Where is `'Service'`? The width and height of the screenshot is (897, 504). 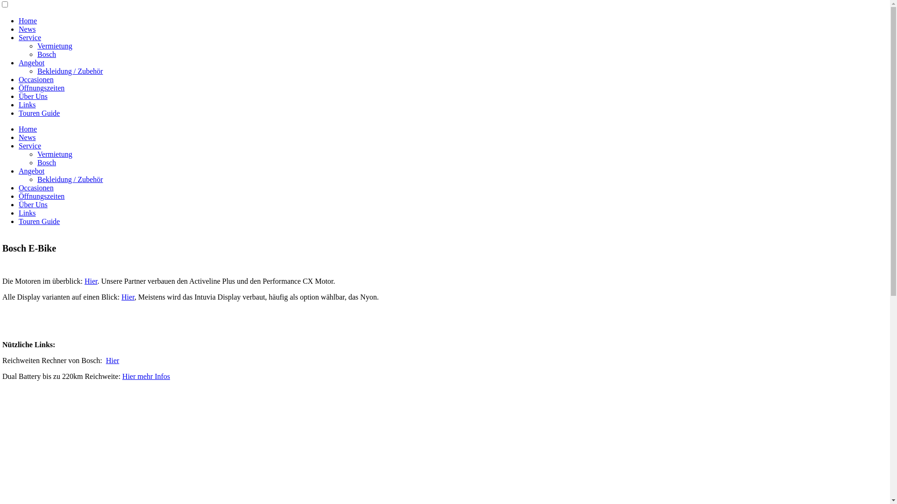 'Service' is located at coordinates (29, 37).